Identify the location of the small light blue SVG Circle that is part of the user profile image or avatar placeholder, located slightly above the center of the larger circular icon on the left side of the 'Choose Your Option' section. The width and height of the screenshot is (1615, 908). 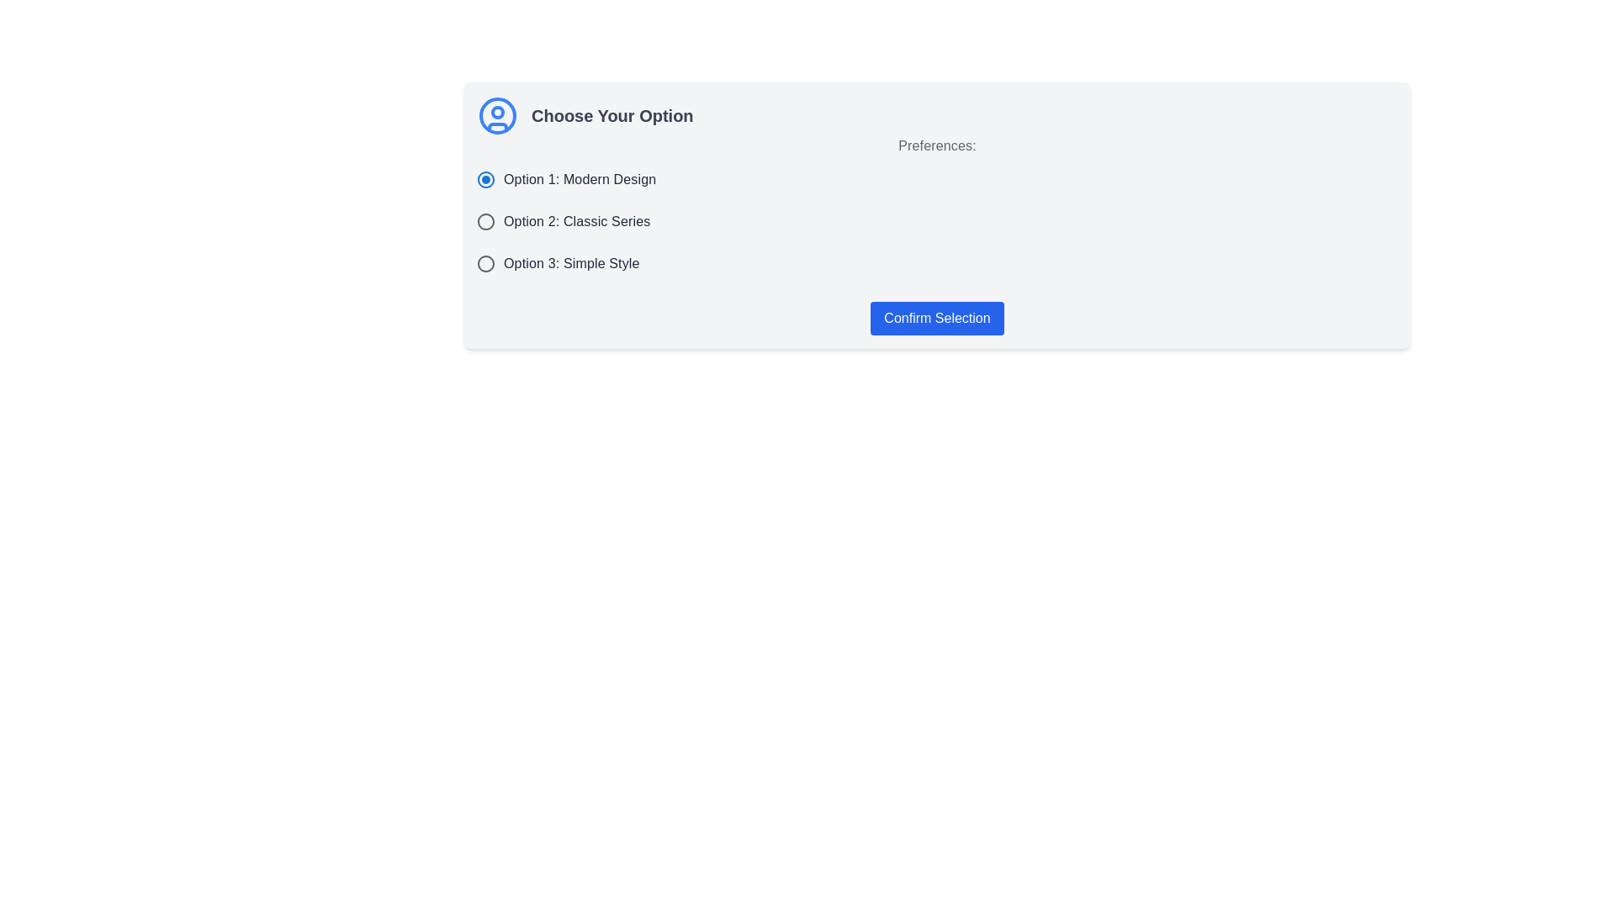
(496, 113).